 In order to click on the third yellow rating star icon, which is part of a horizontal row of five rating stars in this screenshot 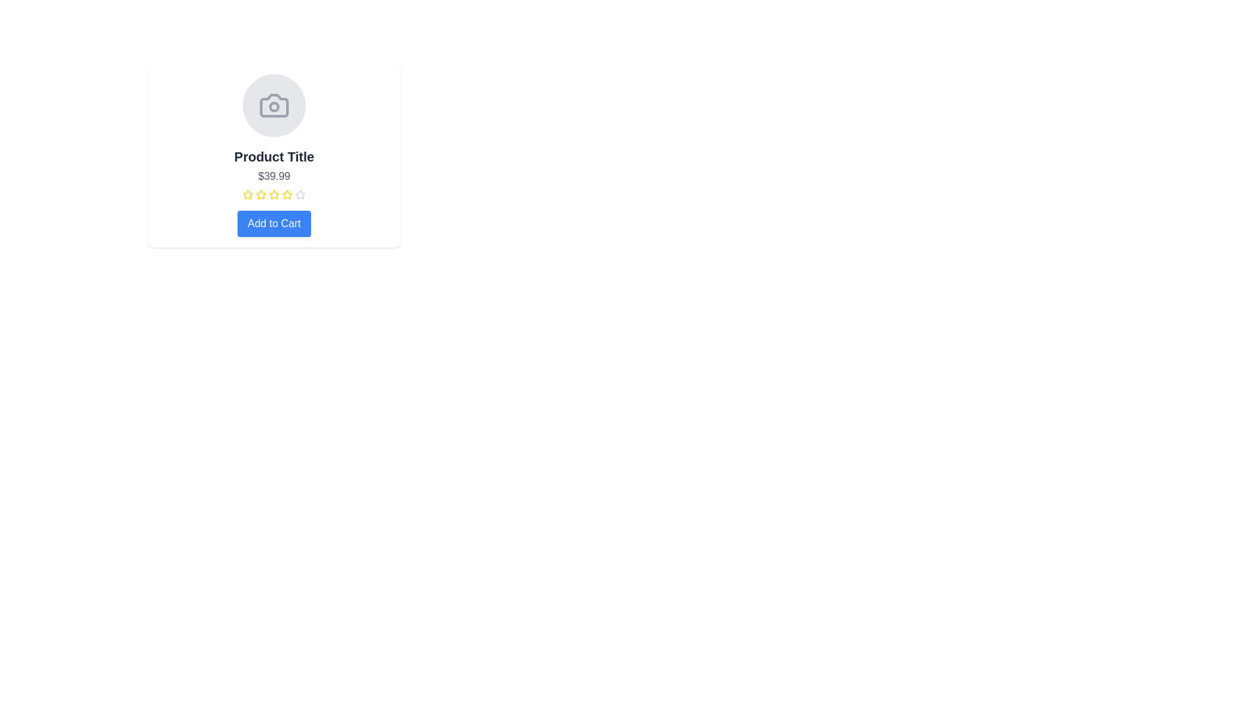, I will do `click(273, 194)`.